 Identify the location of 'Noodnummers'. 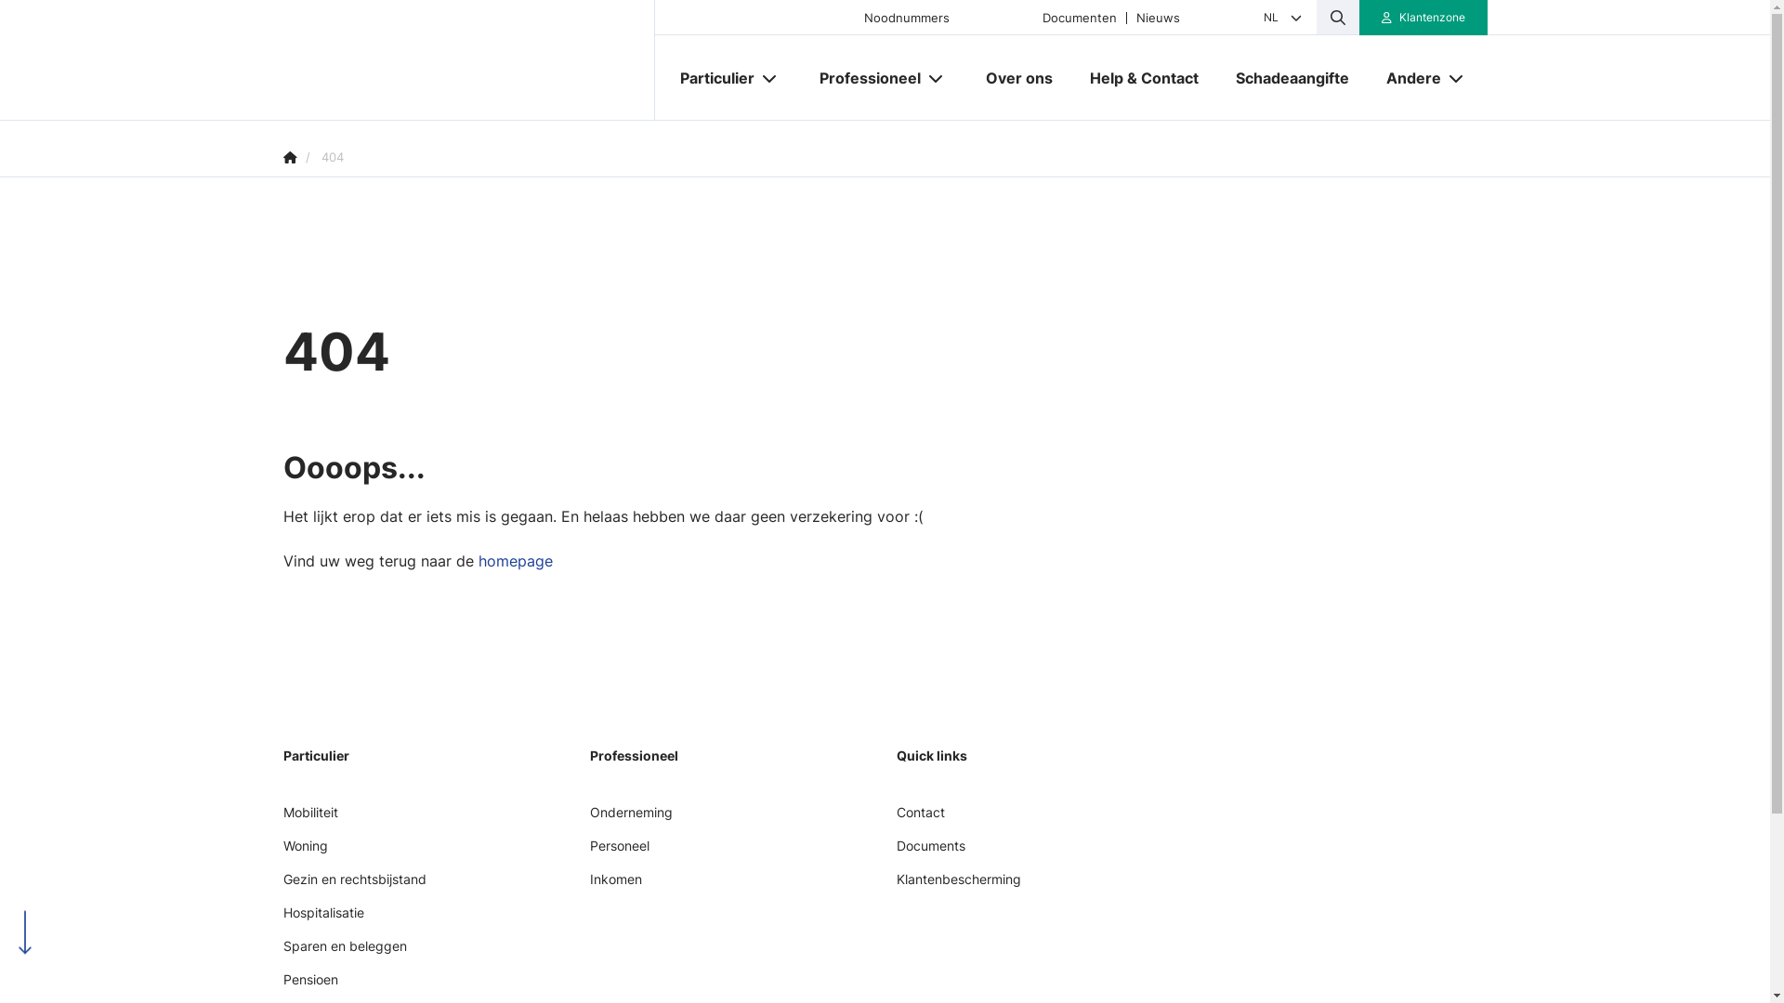
(906, 17).